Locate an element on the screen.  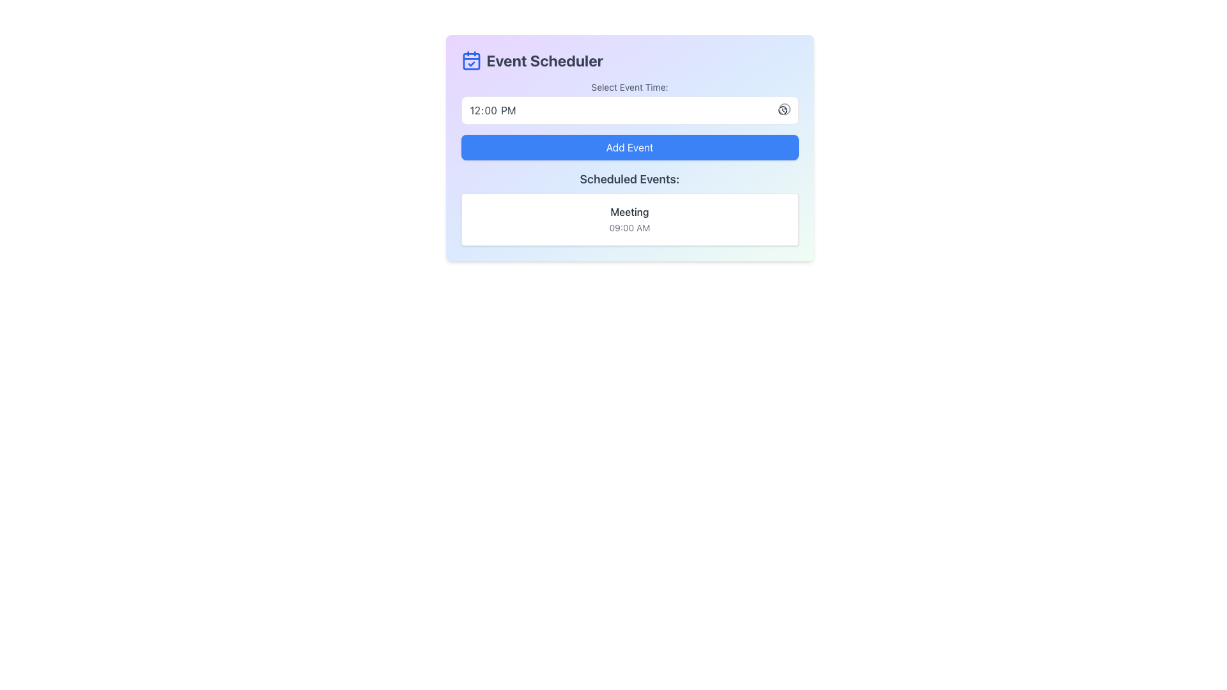
the informational text display section that outlines scheduled events, specifically the area under the header 'Scheduled Events:' and above the event details 'Meeting' at '09:00 AM' is located at coordinates (629, 208).